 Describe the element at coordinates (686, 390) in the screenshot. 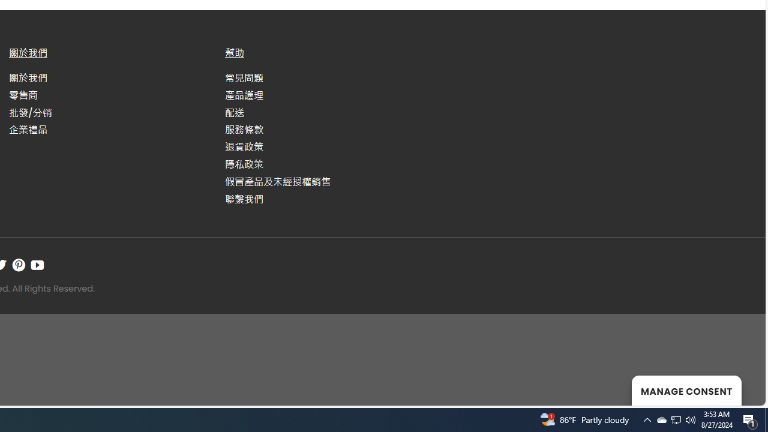

I see `'MANAGE CONSENT'` at that location.